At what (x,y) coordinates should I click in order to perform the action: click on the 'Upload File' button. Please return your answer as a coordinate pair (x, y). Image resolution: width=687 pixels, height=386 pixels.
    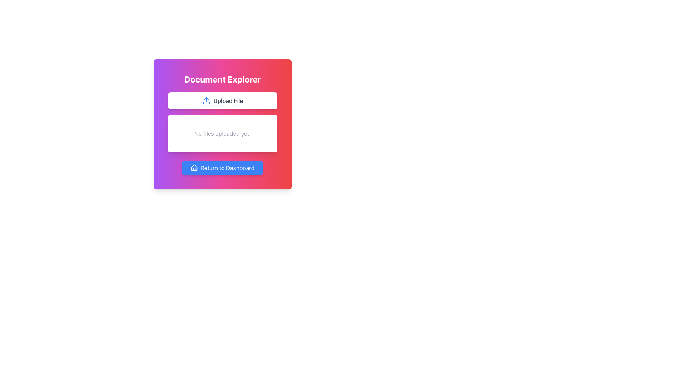
    Looking at the image, I should click on (222, 100).